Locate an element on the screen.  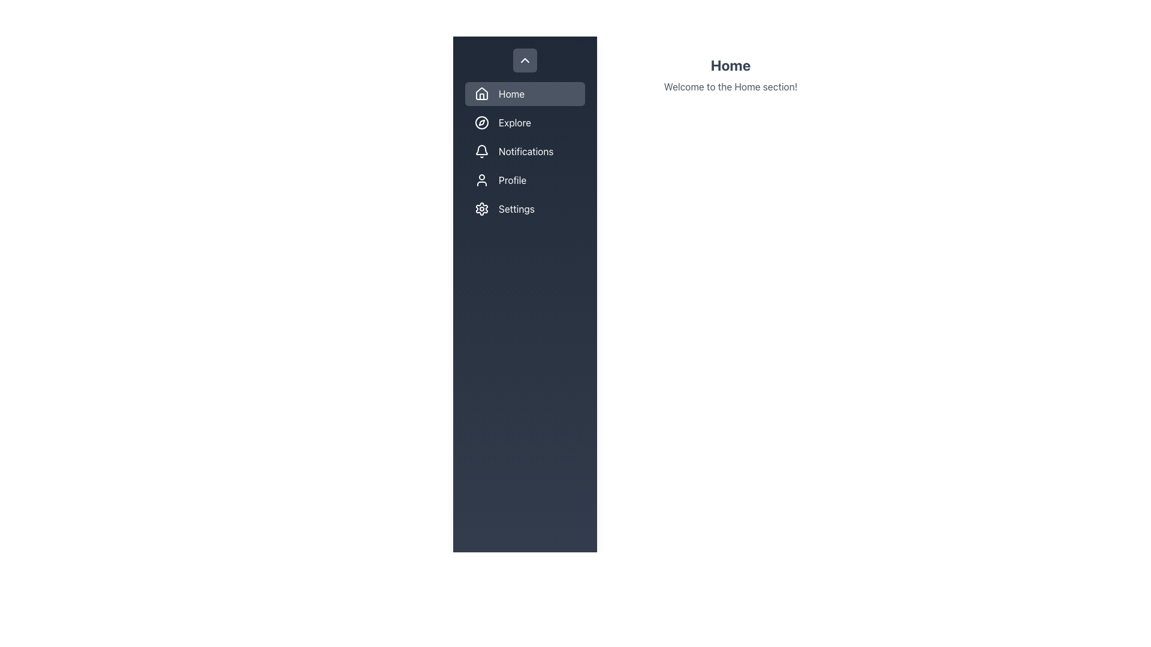
label for the 'Notifications' menu item, which is the third item in the left-side navigation menu, positioned to the right of a bell icon is located at coordinates (526, 151).